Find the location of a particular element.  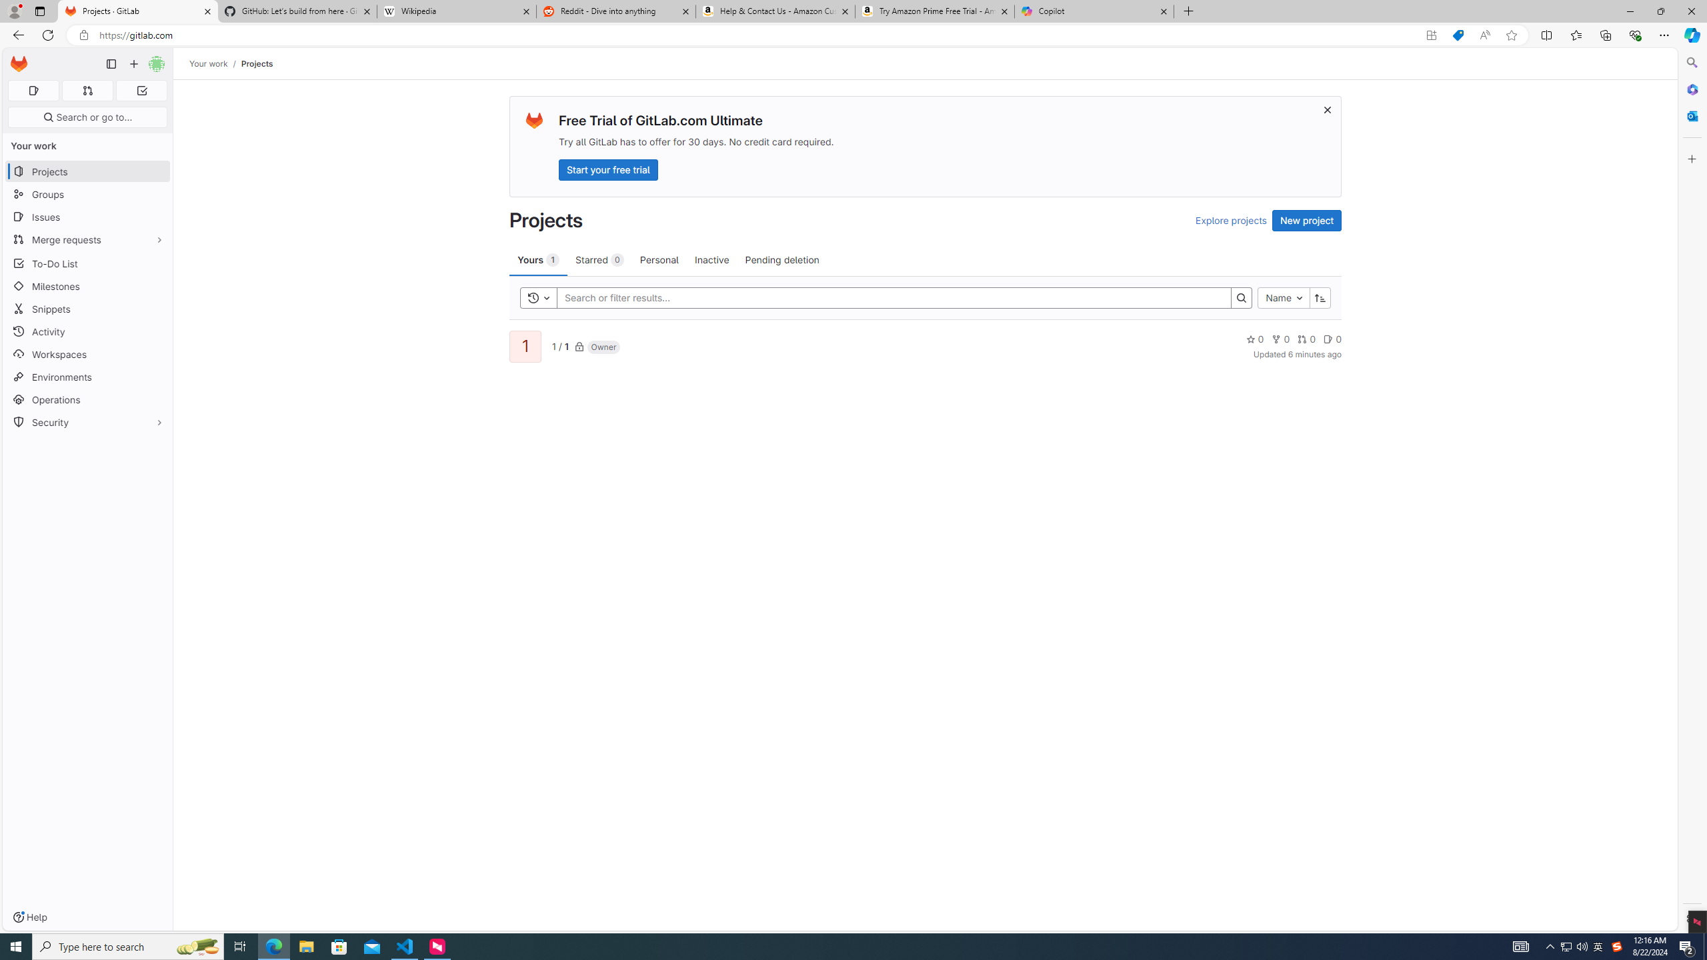

'Dismiss trial promotion' is located at coordinates (1326, 109).